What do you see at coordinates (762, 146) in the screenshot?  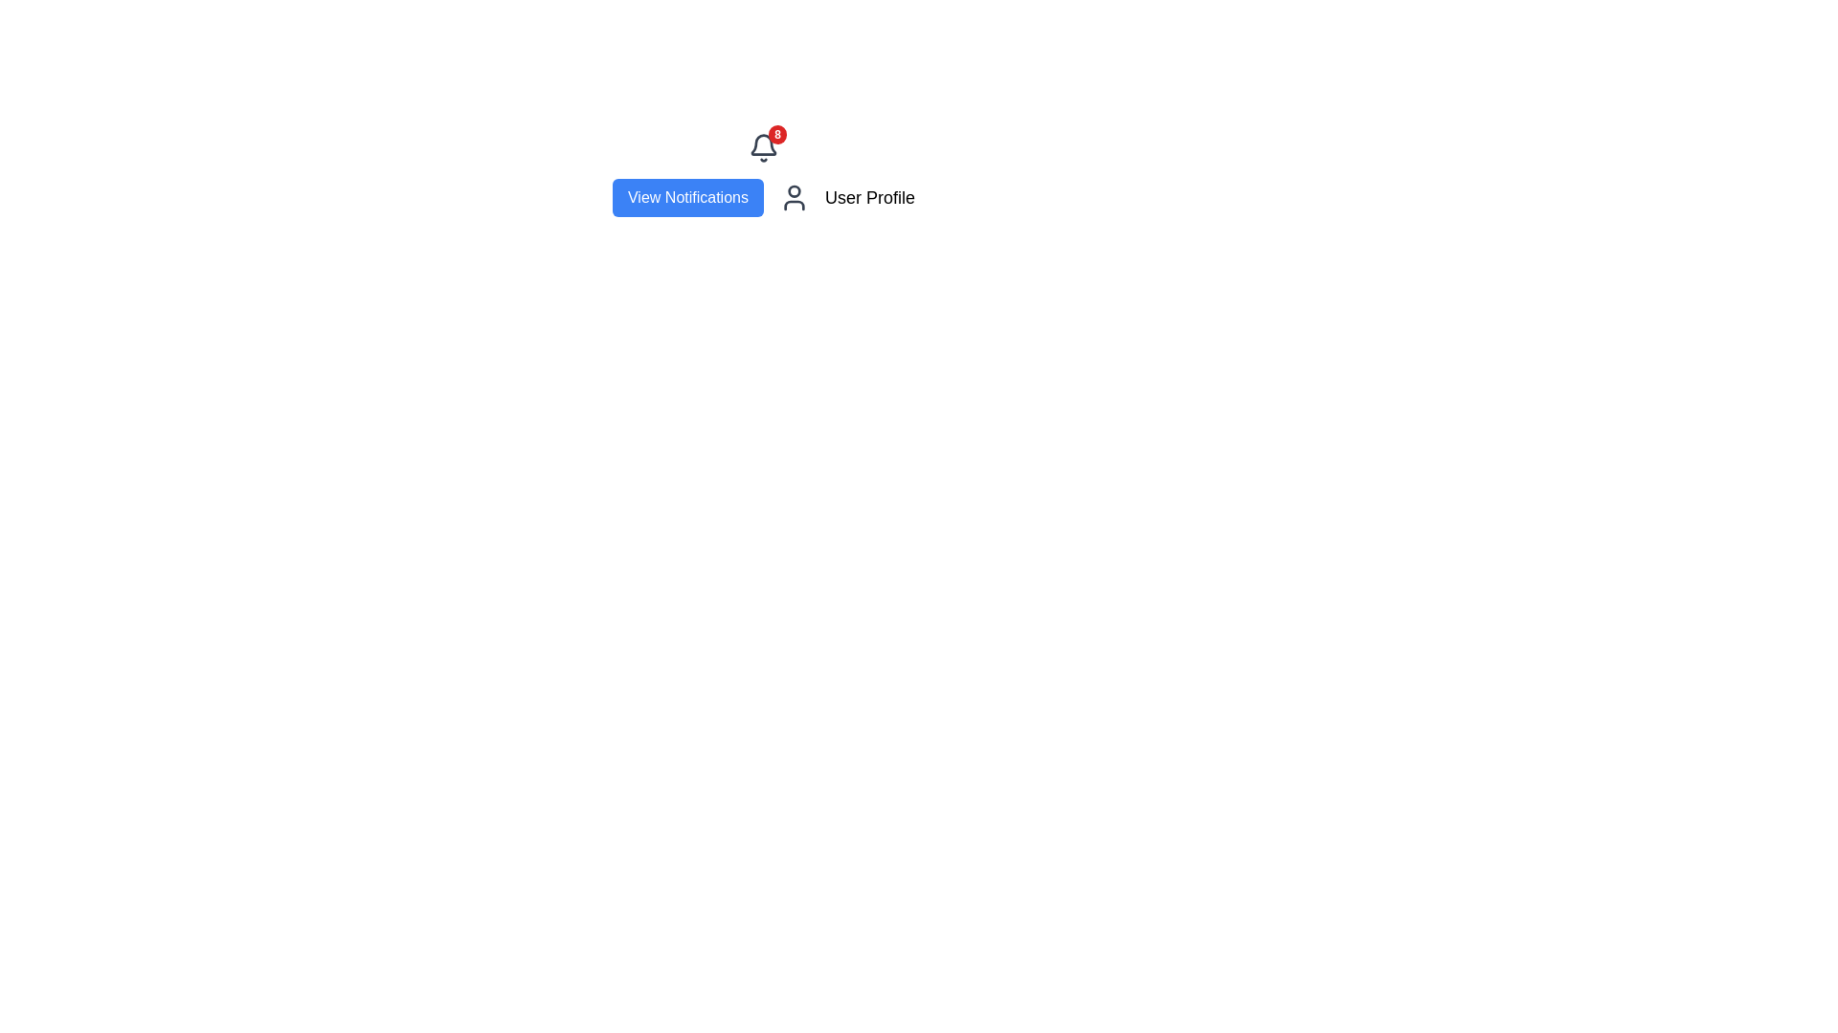 I see `the Notification Icon, which is a bell icon located at the top-center of the page` at bounding box center [762, 146].